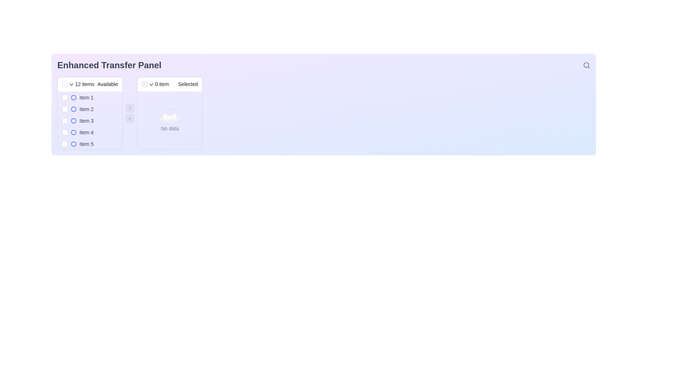  Describe the element at coordinates (586, 65) in the screenshot. I see `the SVG circular element located near the top-right corner of the interface, which is part of a search-related icon group` at that location.